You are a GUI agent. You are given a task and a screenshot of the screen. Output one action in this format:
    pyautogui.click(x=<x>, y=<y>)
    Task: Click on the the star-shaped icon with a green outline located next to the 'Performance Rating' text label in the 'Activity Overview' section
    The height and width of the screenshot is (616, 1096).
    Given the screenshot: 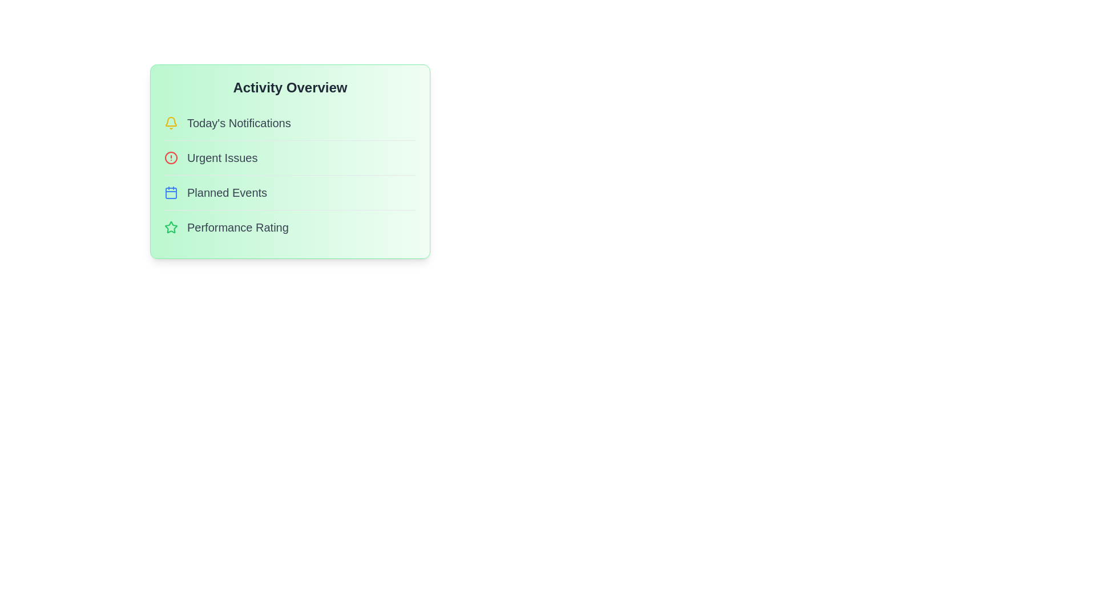 What is the action you would take?
    pyautogui.click(x=170, y=227)
    